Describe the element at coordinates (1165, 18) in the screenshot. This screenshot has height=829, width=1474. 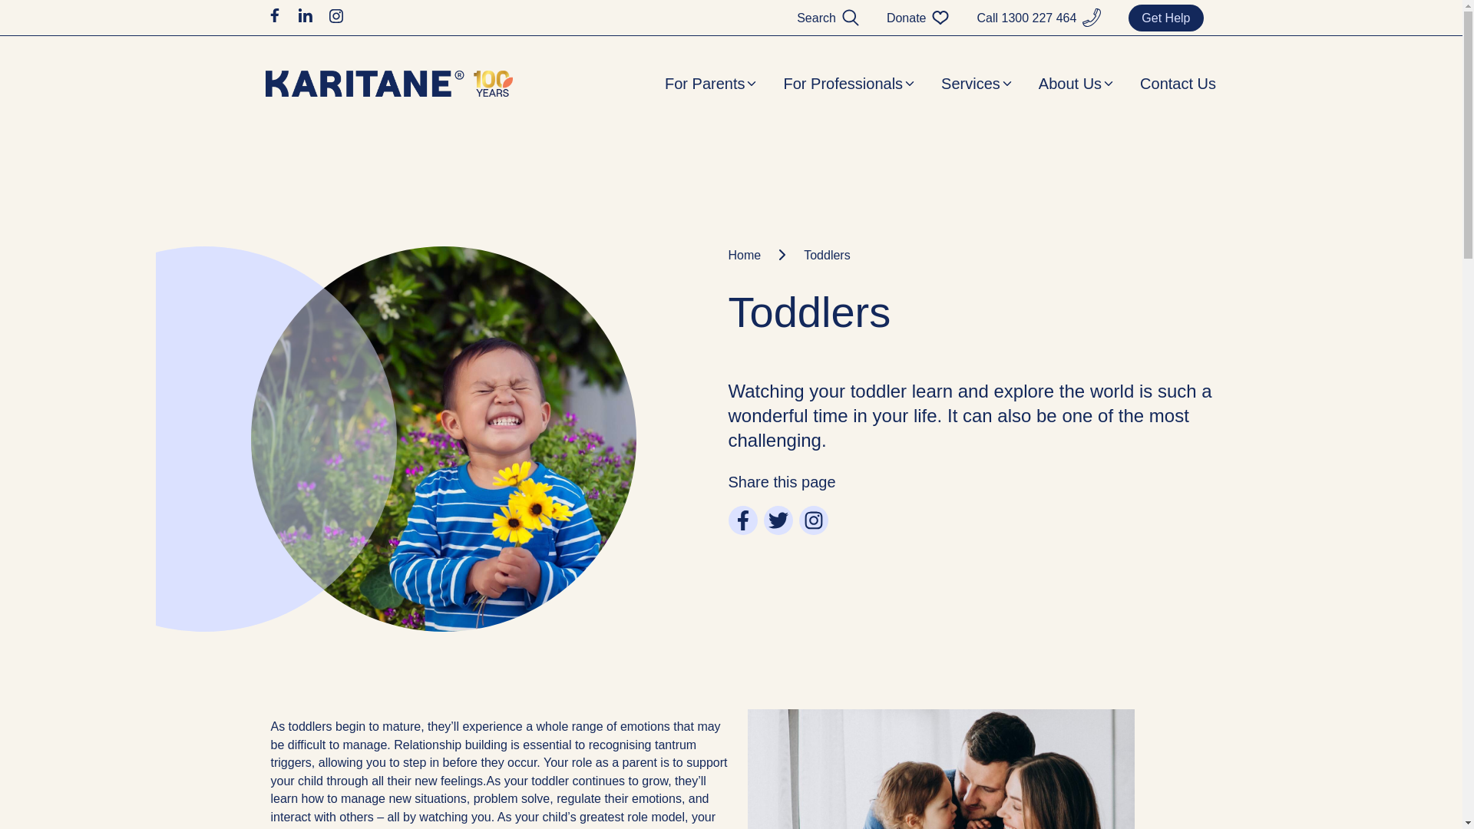
I see `'Get Help'` at that location.